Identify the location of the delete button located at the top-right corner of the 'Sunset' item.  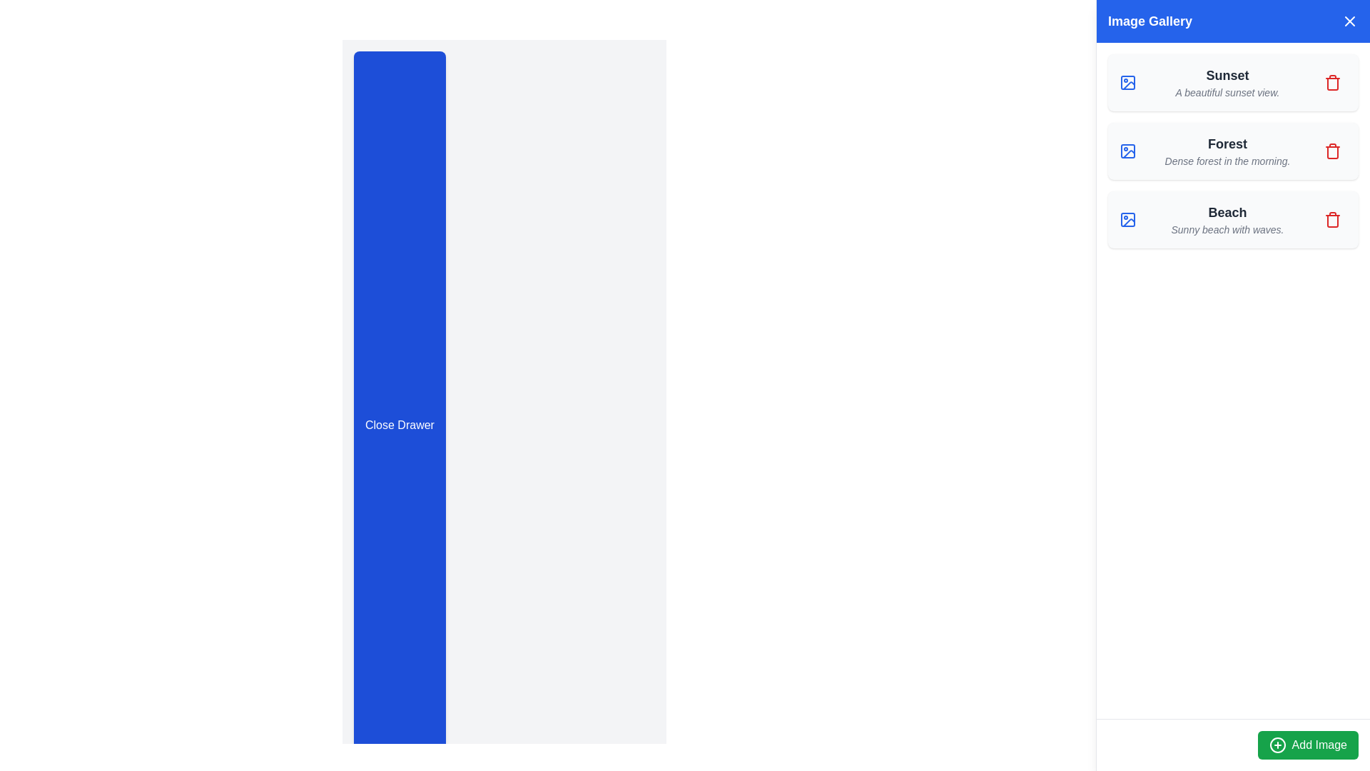
(1331, 82).